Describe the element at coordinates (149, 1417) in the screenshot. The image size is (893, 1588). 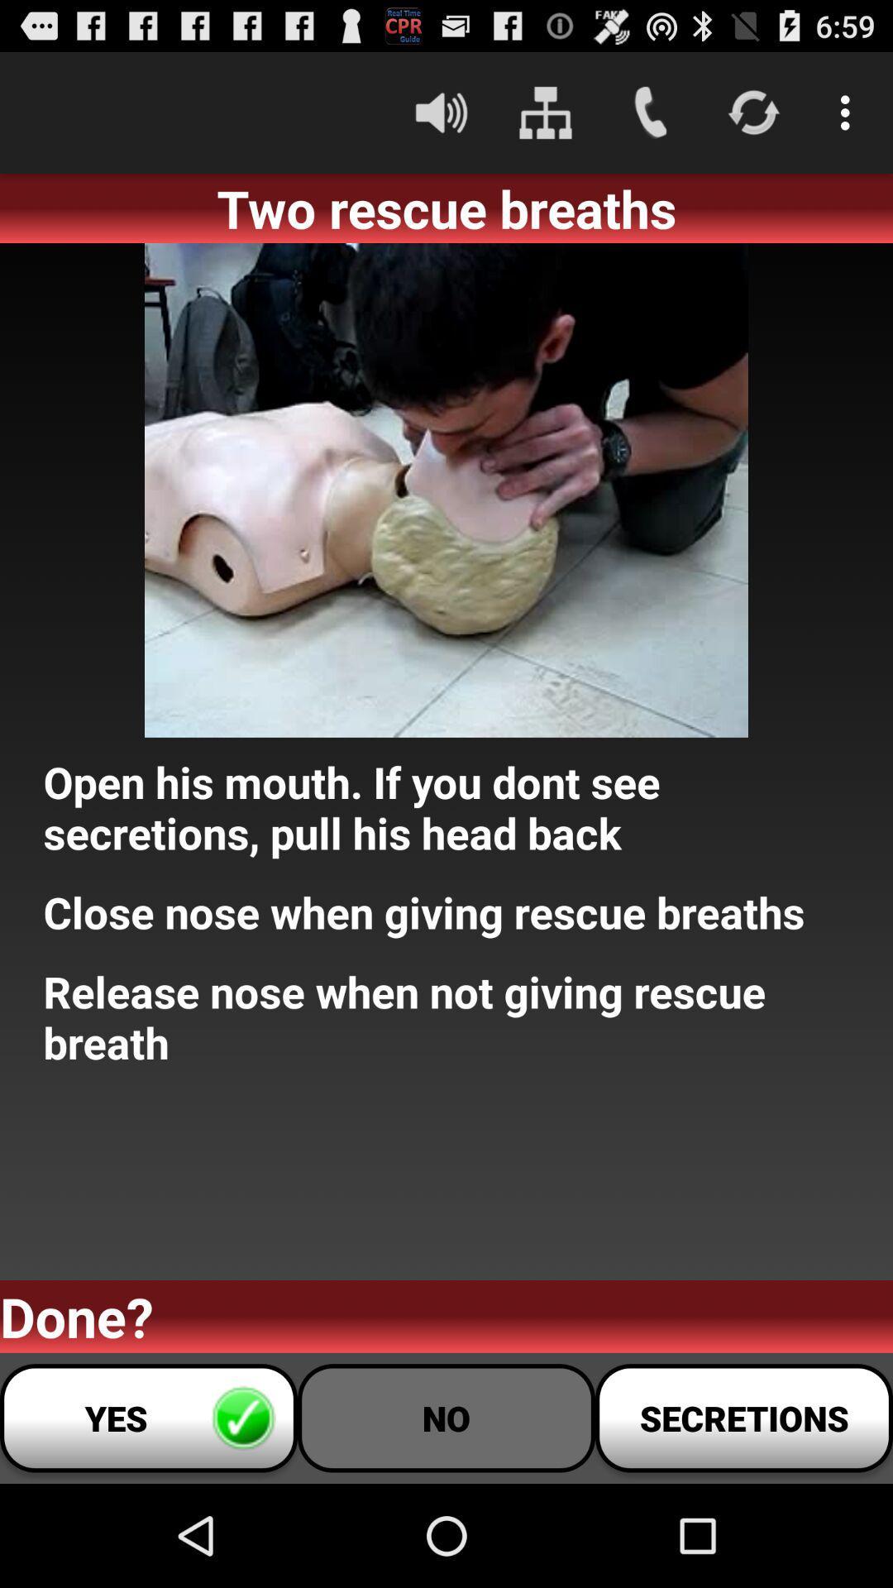
I see `button next to no icon` at that location.